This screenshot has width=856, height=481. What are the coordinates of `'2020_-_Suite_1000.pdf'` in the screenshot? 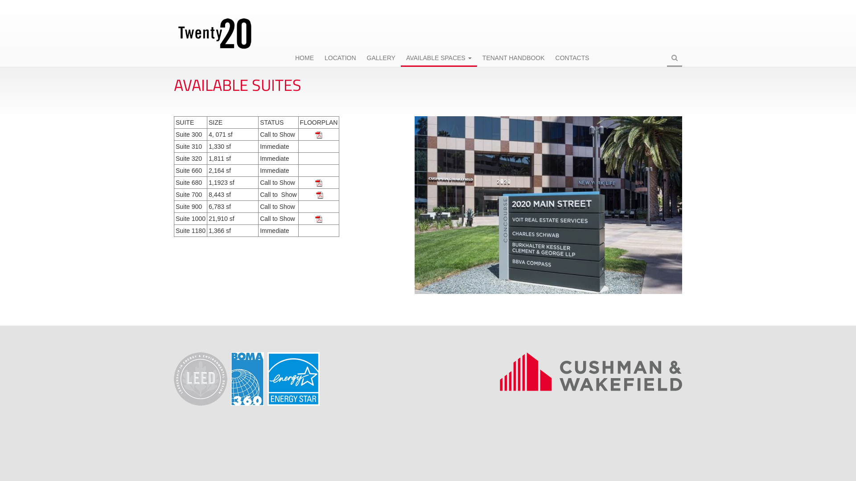 It's located at (315, 218).